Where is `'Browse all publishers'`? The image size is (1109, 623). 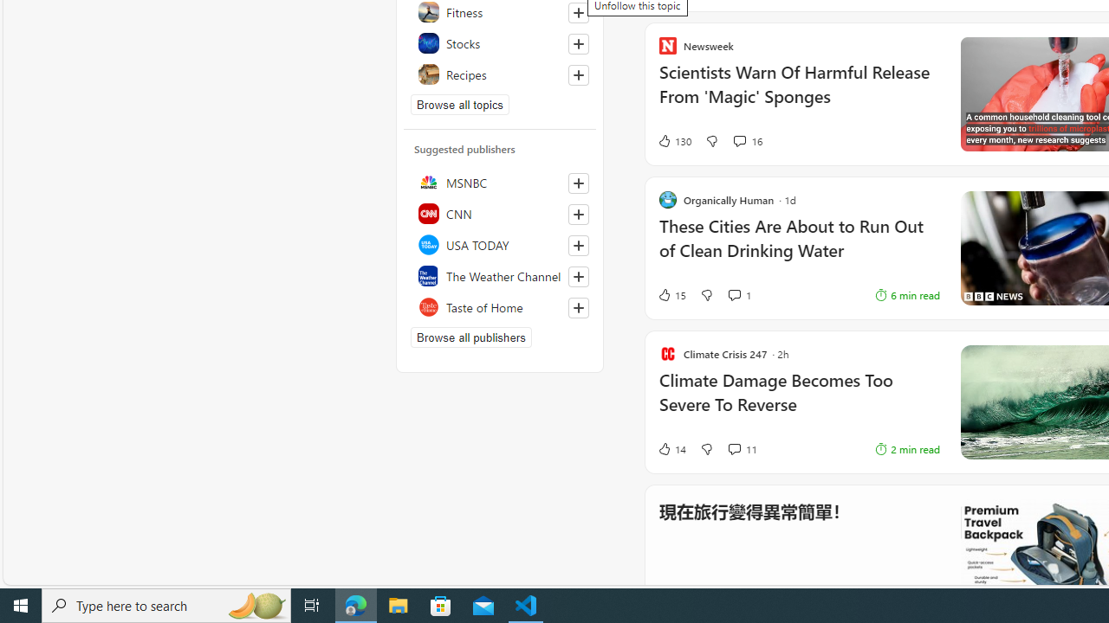 'Browse all publishers' is located at coordinates (471, 337).